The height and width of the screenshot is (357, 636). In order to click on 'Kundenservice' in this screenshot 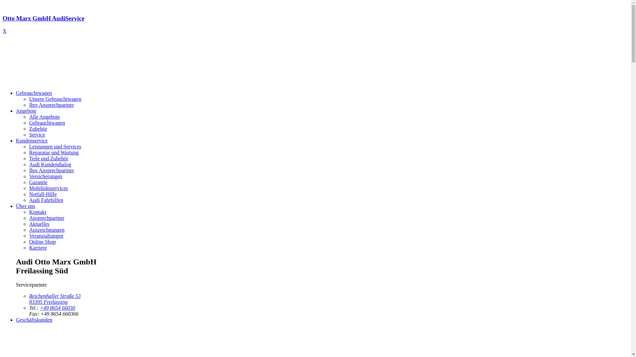, I will do `click(31, 140)`.